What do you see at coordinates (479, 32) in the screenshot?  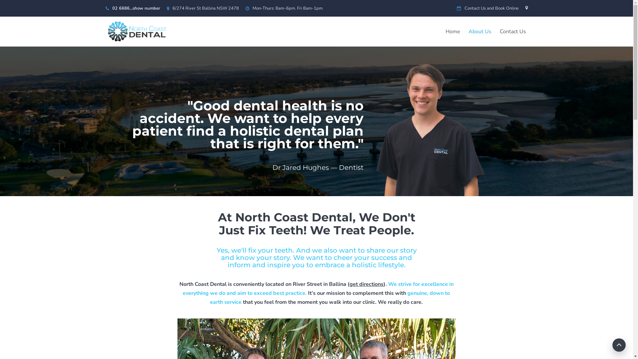 I see `'About Us'` at bounding box center [479, 32].